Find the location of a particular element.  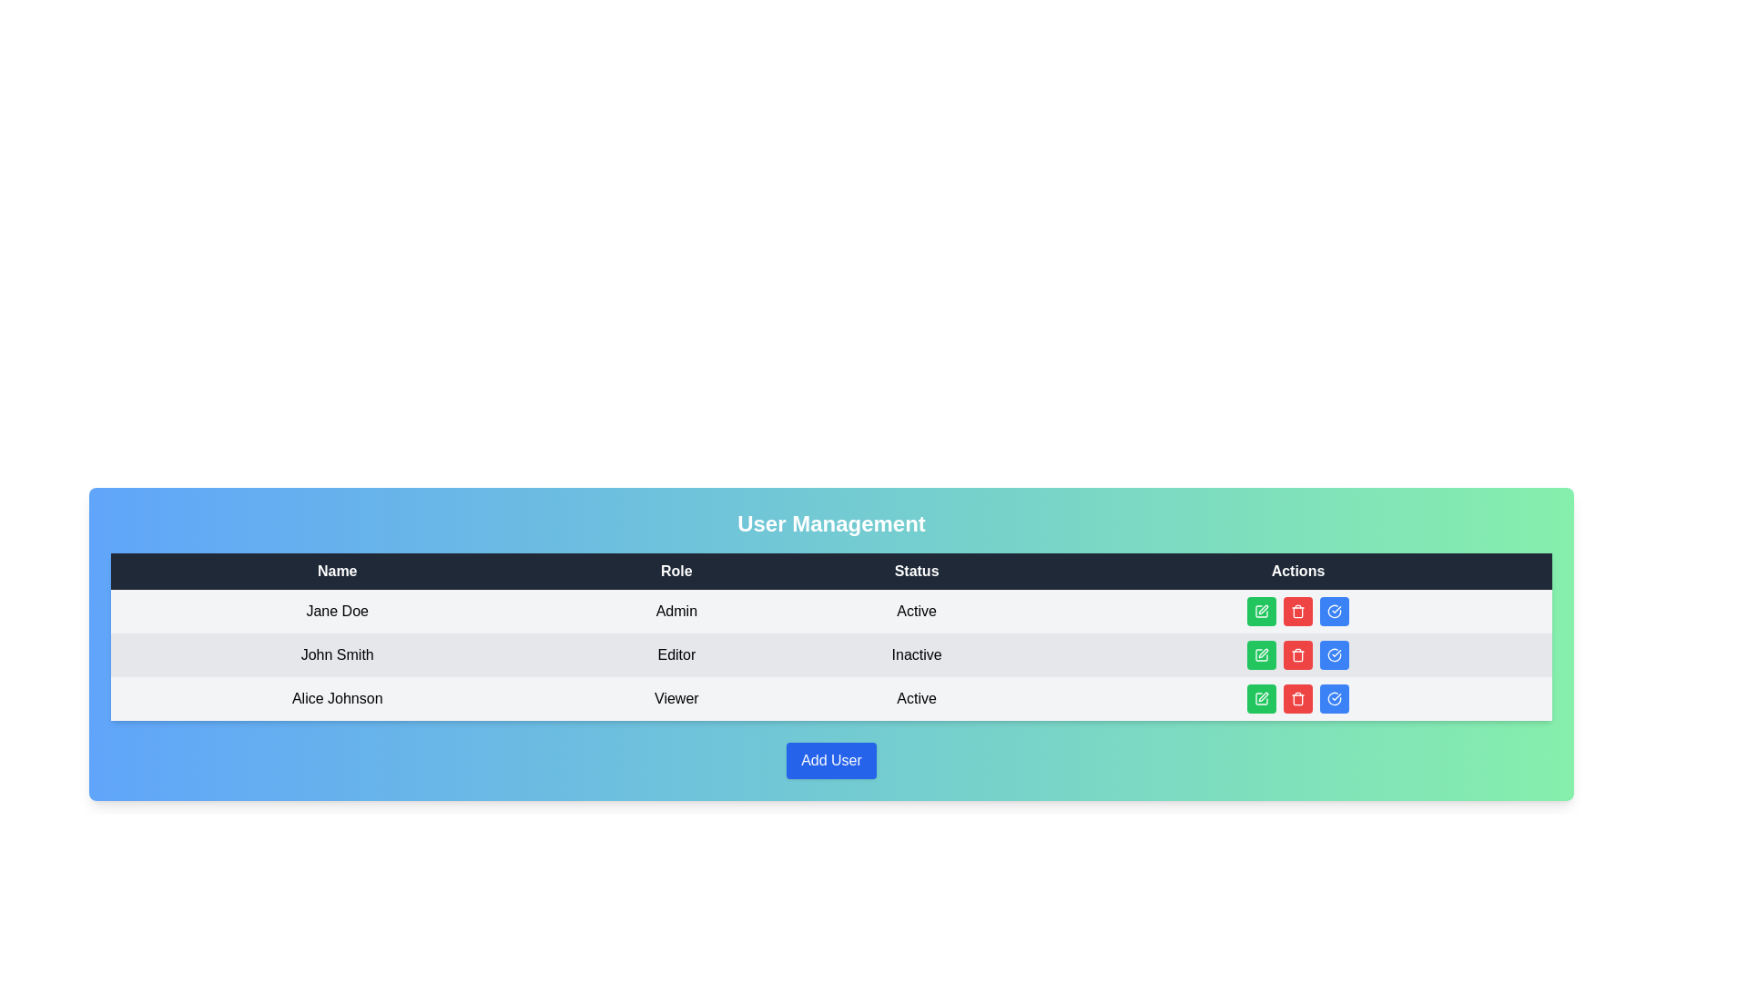

the red delete button with a trash can icon in the Actions column of the second row to observe the hover effect is located at coordinates (1296, 655).